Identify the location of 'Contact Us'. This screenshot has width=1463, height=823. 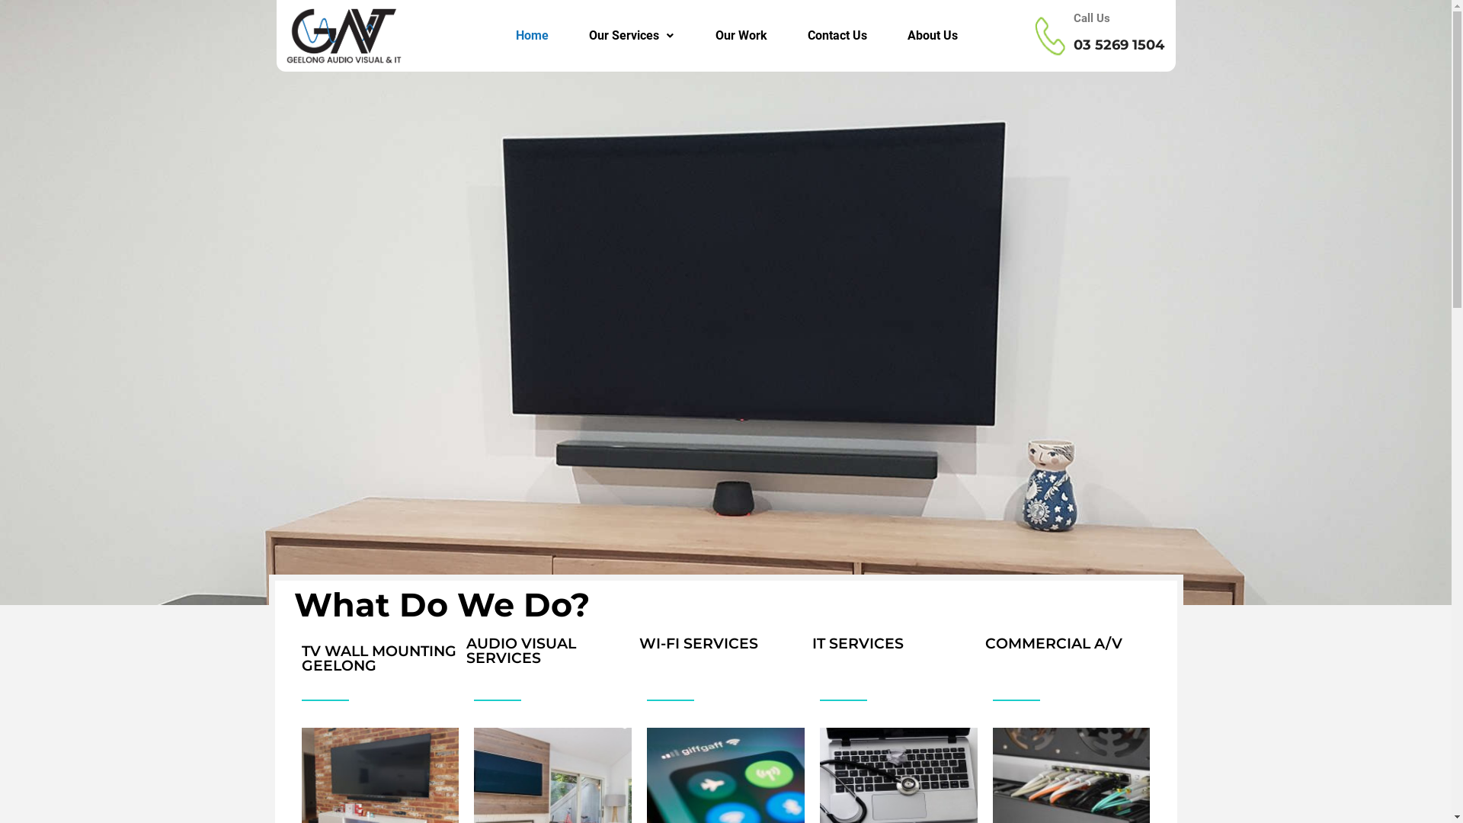
(837, 34).